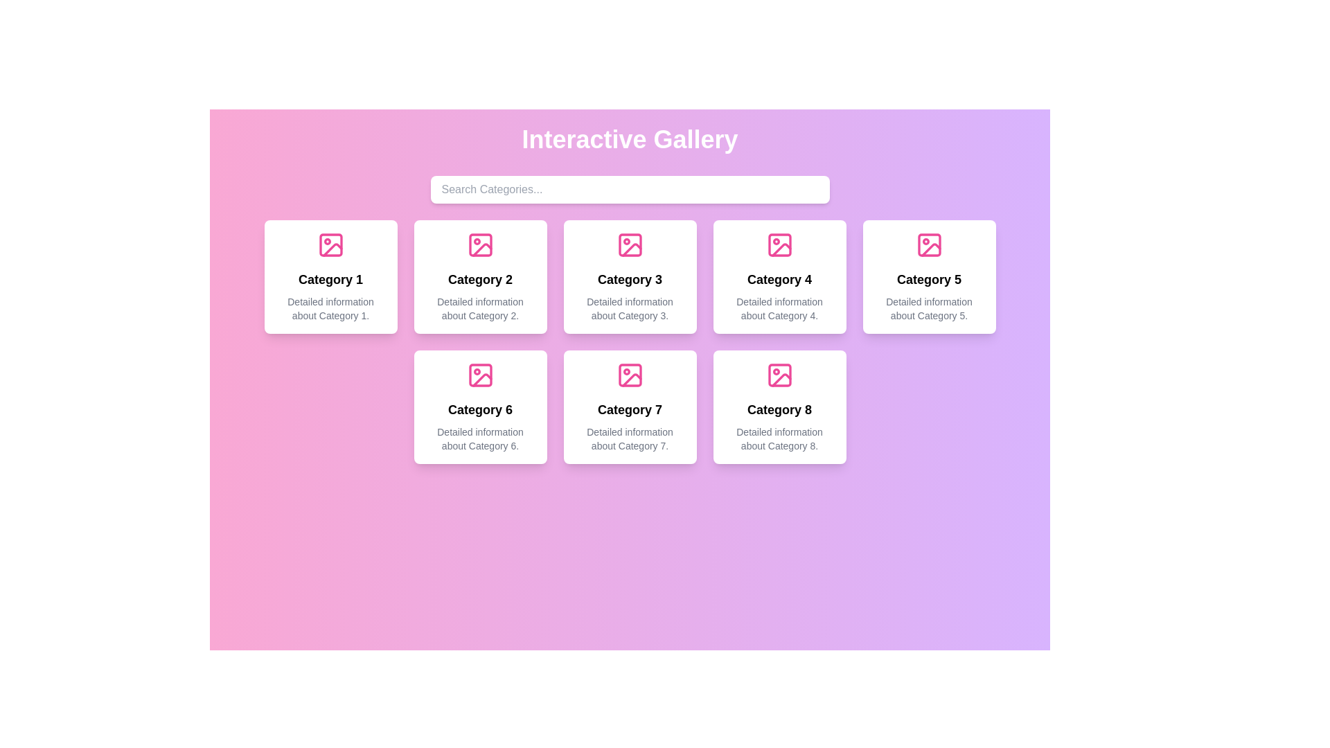  I want to click on the label element that displays 'Category 5', which is positioned in the second row and second column of the grid layout, so click(929, 280).